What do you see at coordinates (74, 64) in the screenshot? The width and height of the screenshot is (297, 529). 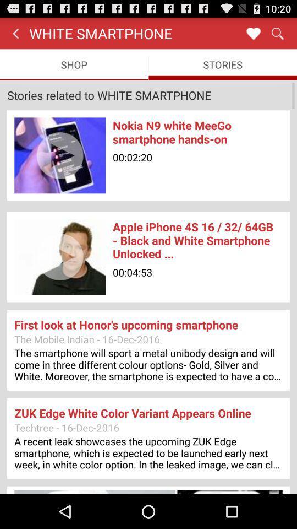 I see `the shop item` at bounding box center [74, 64].